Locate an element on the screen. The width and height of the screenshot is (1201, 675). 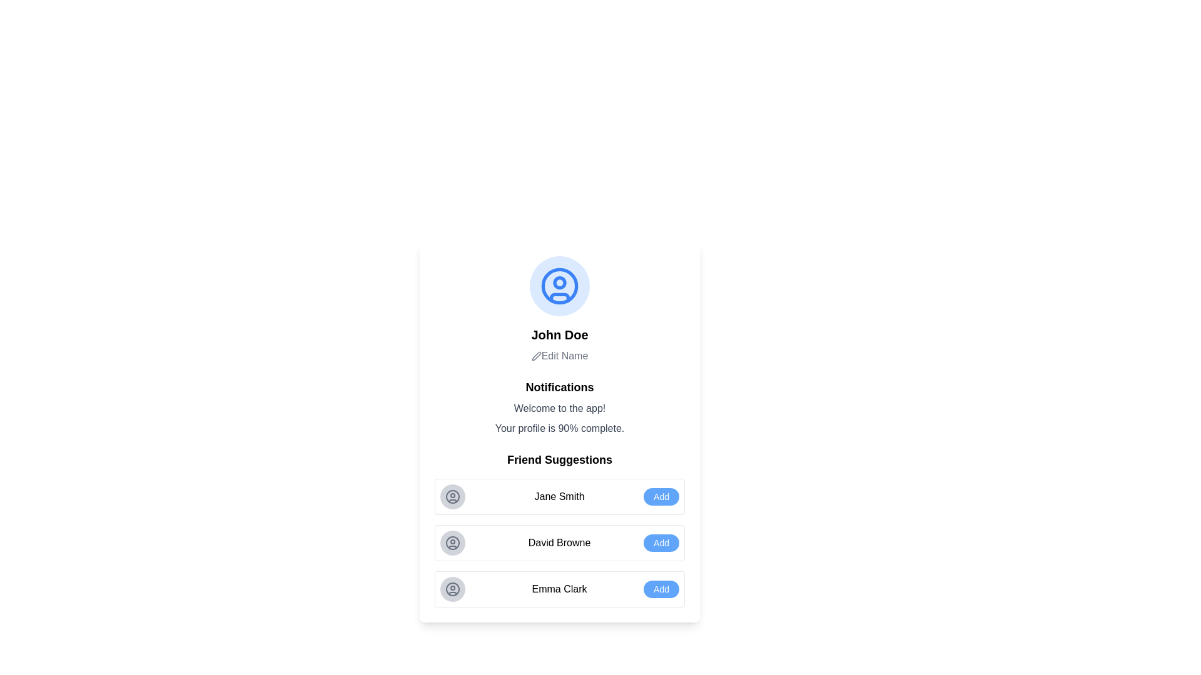
the largest circular component of the avatar-style icon representing 'Emma Clark' in the 'Friend Suggestions' list is located at coordinates (452, 589).